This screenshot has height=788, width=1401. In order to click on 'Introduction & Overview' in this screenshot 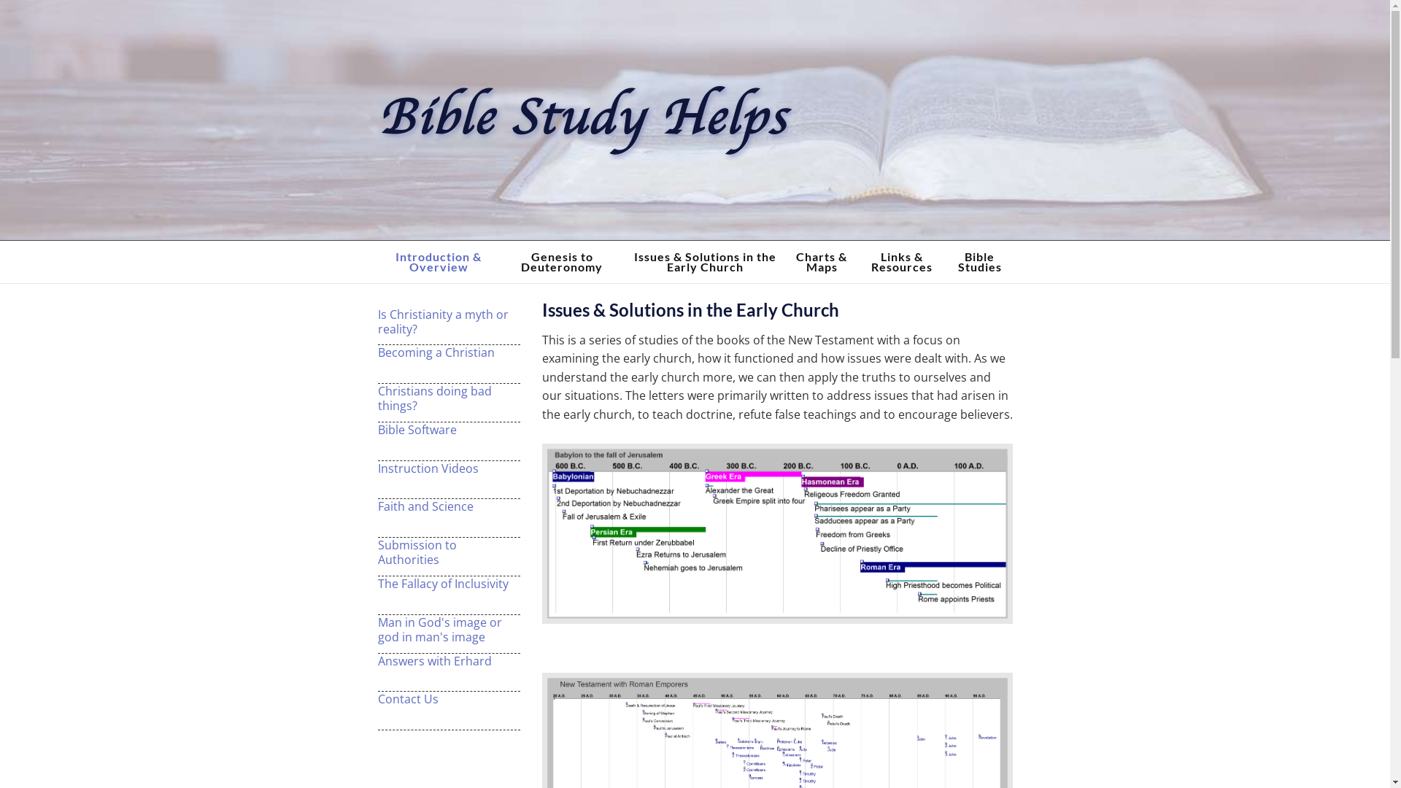, I will do `click(378, 260)`.